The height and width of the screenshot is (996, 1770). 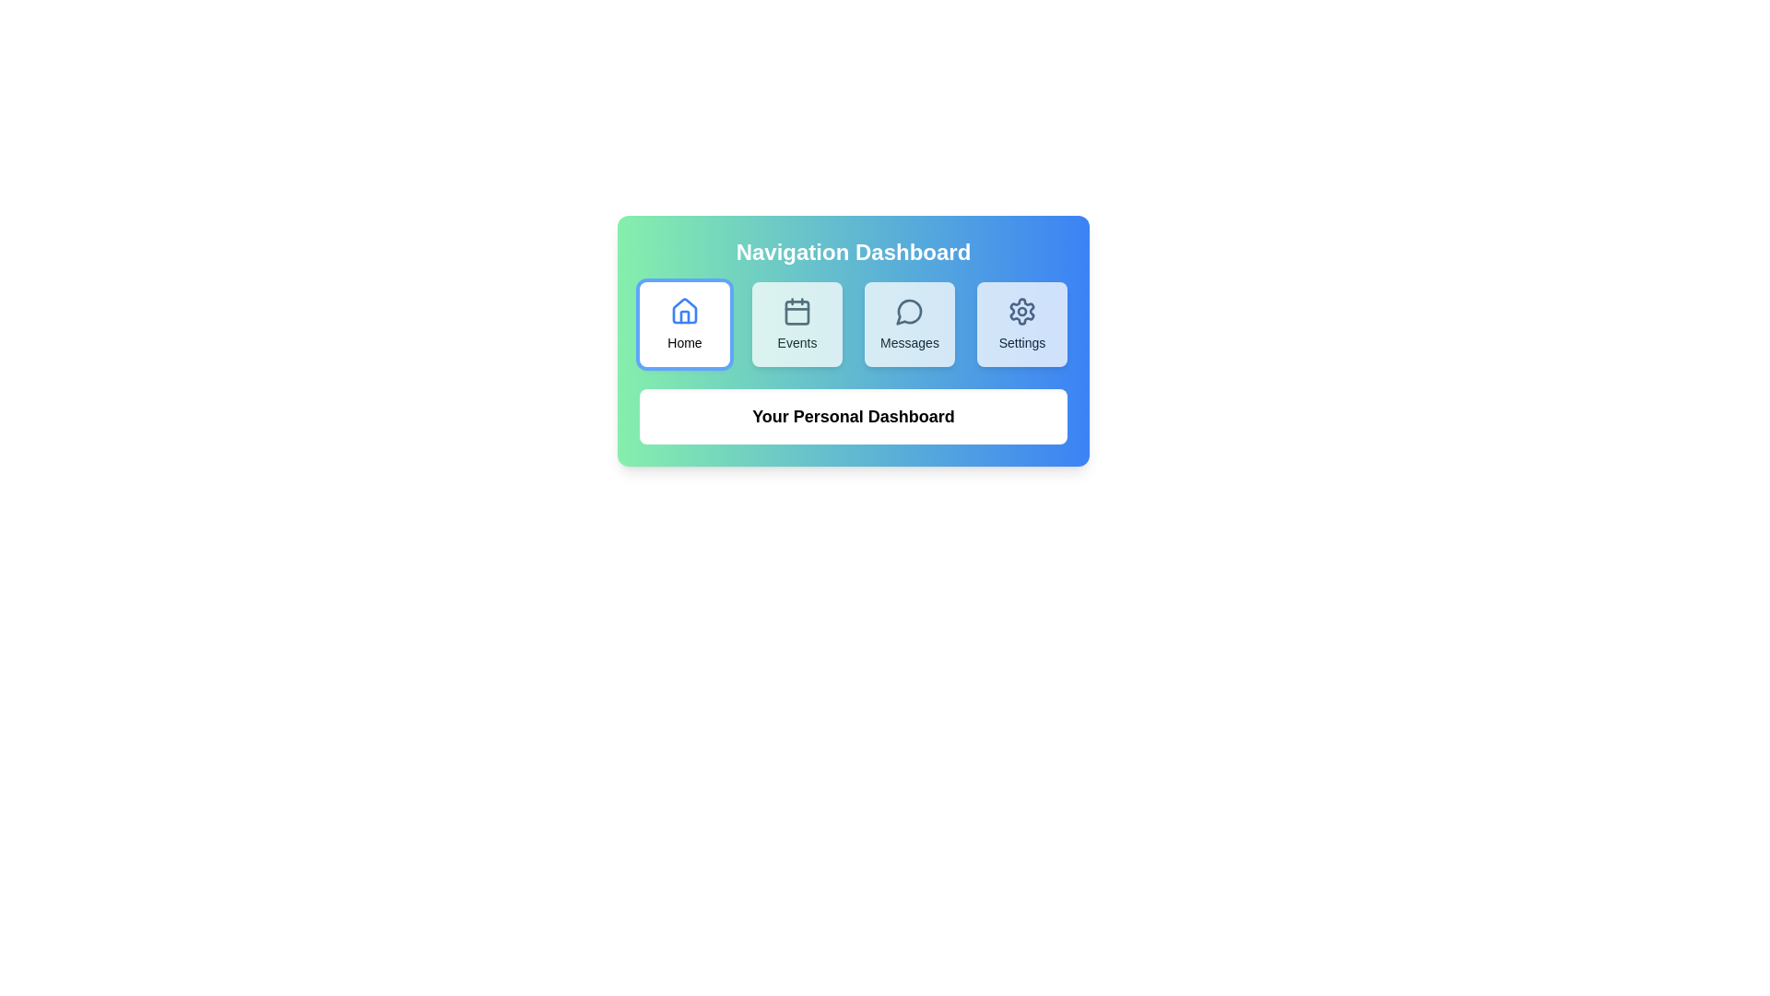 I want to click on the circular chat bubble icon within the 'Messages' section of the navigation dashboard, so click(x=909, y=311).